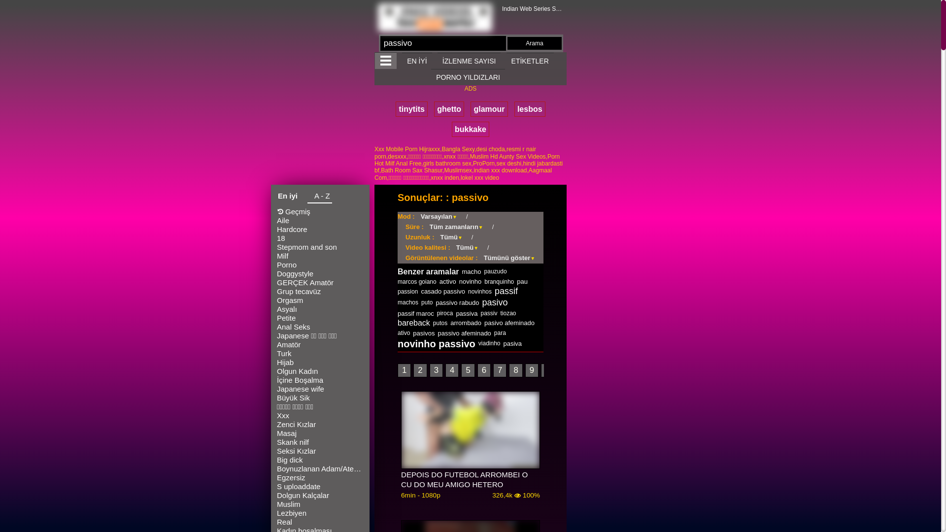  I want to click on '9', so click(531, 370).